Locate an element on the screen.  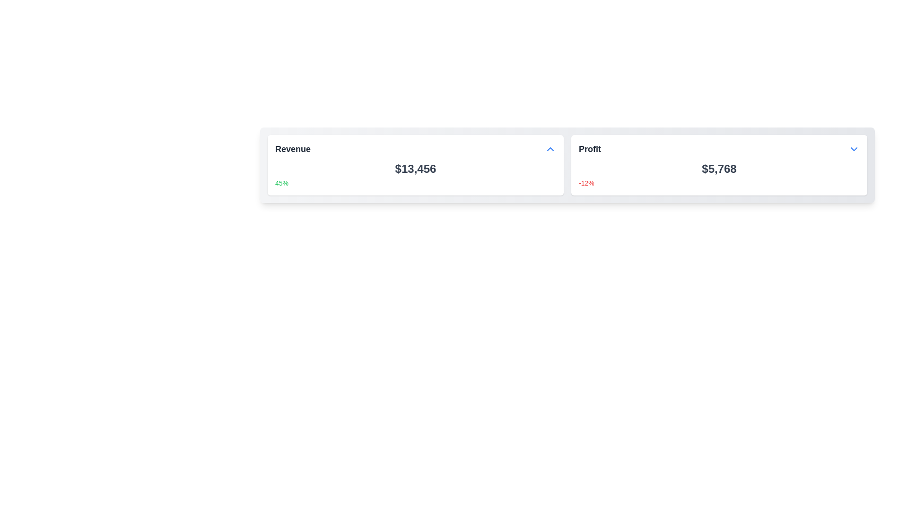
the prominently displayed text '$13,456' which is bold and large, located centrally within the white card labeled 'Revenue' is located at coordinates (415, 169).